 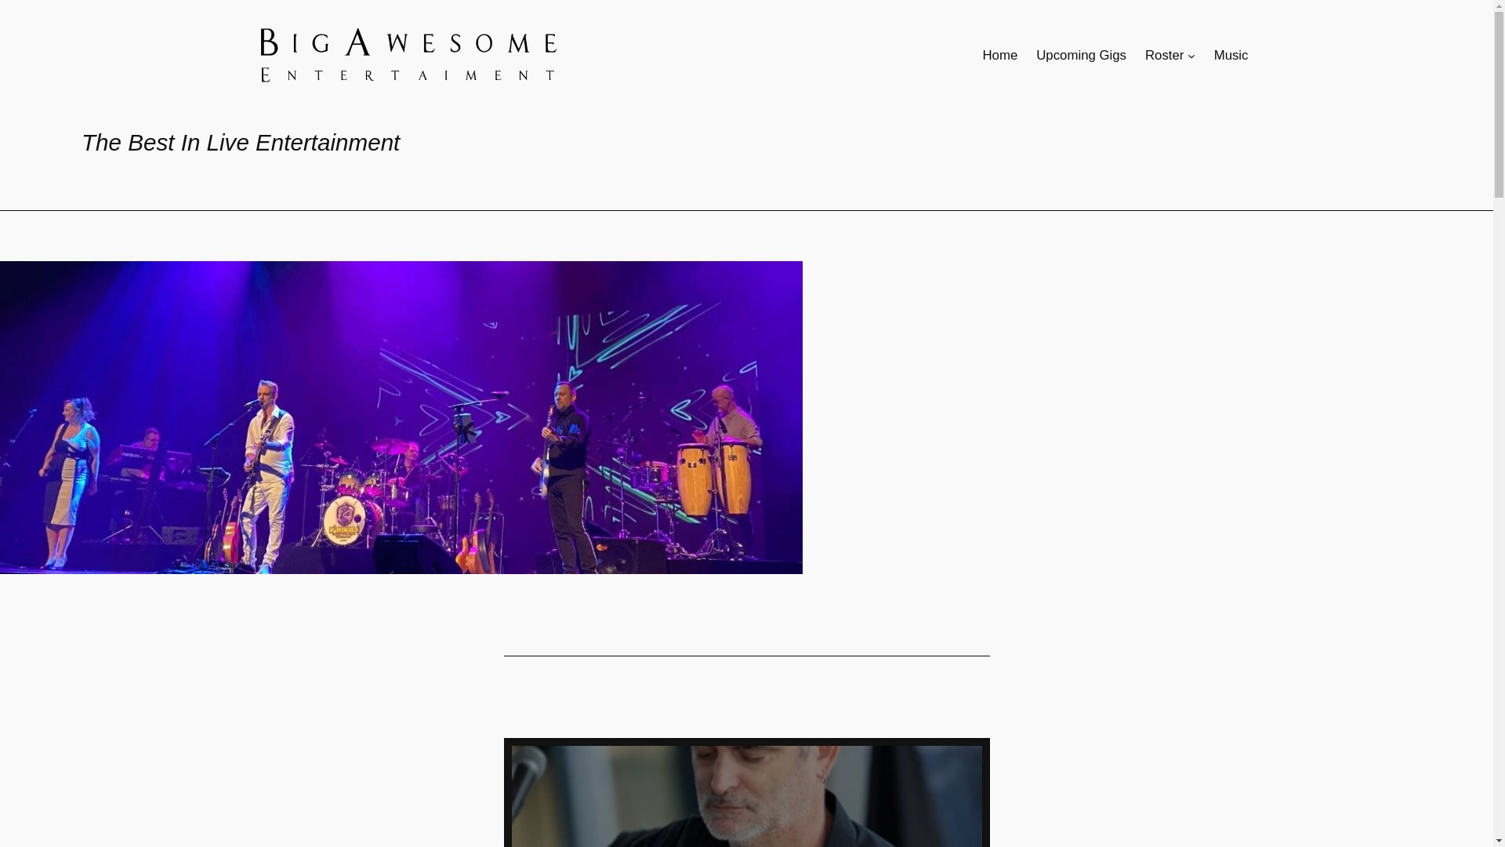 What do you see at coordinates (1213, 54) in the screenshot?
I see `'Music'` at bounding box center [1213, 54].